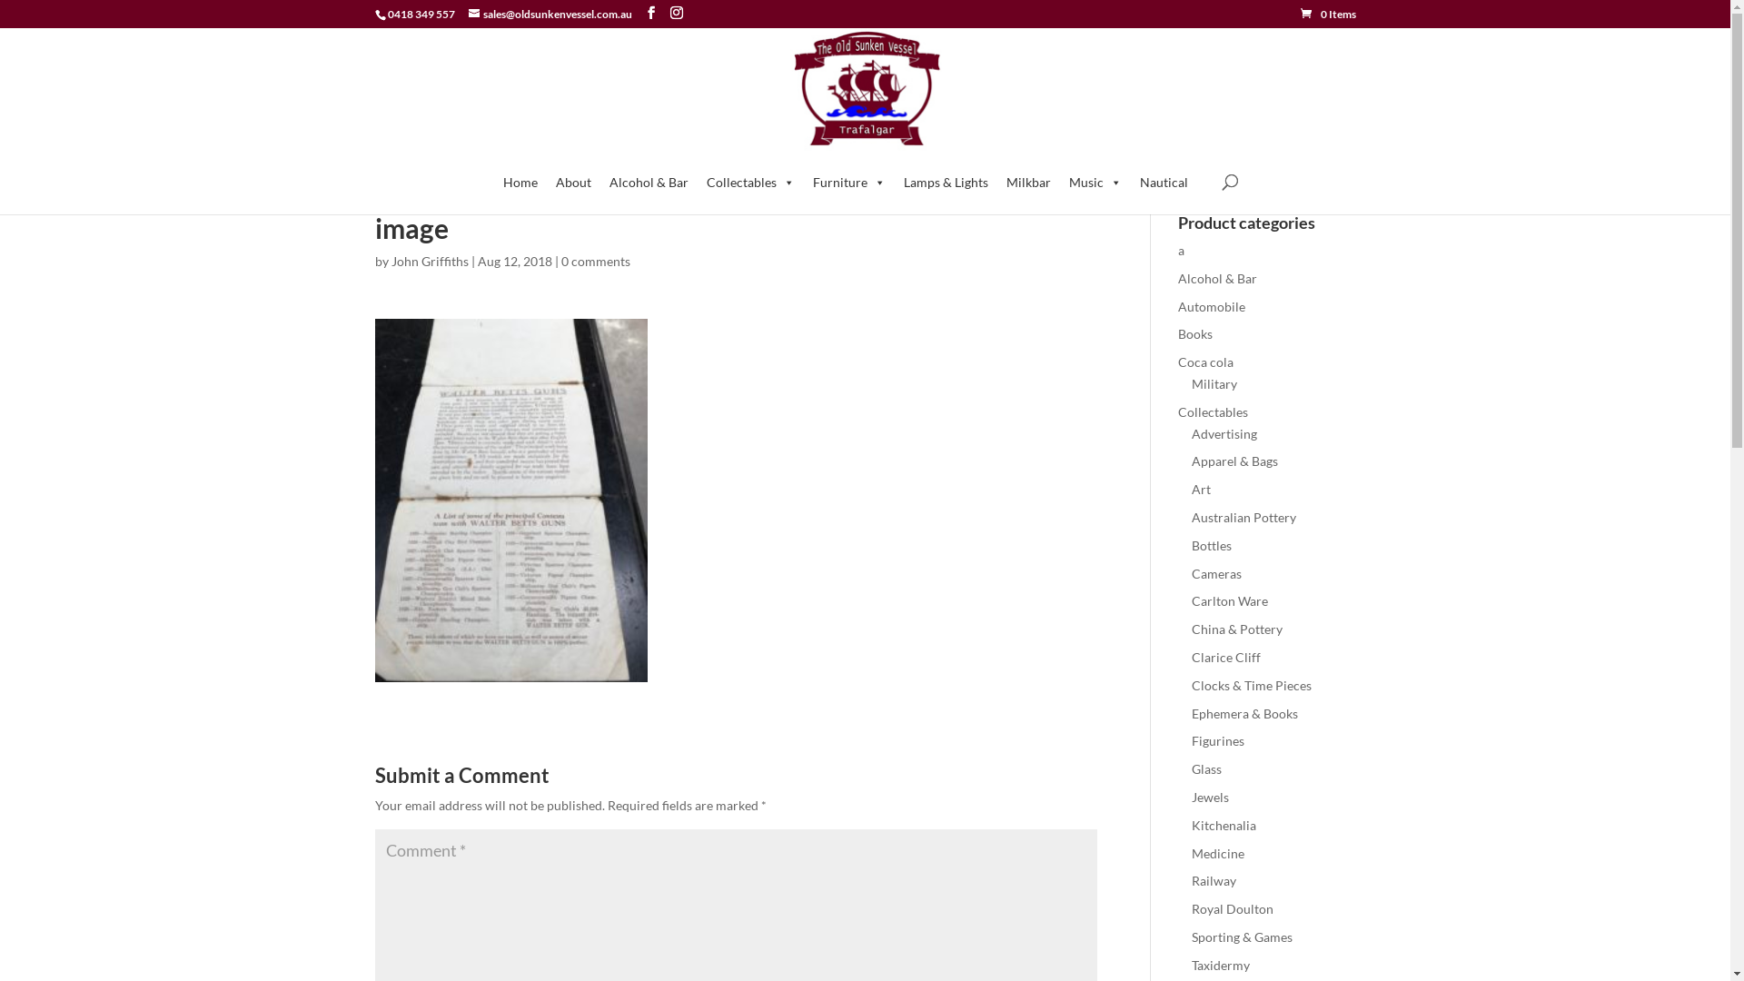 This screenshot has height=981, width=1744. What do you see at coordinates (848, 182) in the screenshot?
I see `'Furniture'` at bounding box center [848, 182].